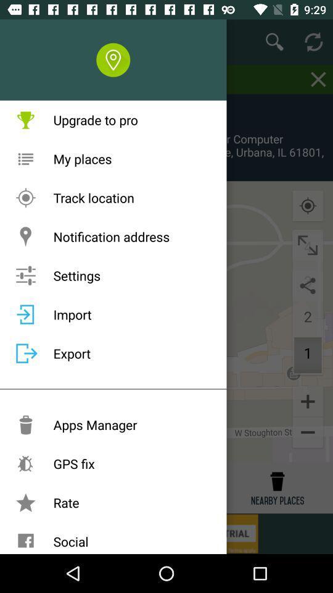  Describe the element at coordinates (307, 206) in the screenshot. I see `the location_crosshair icon` at that location.